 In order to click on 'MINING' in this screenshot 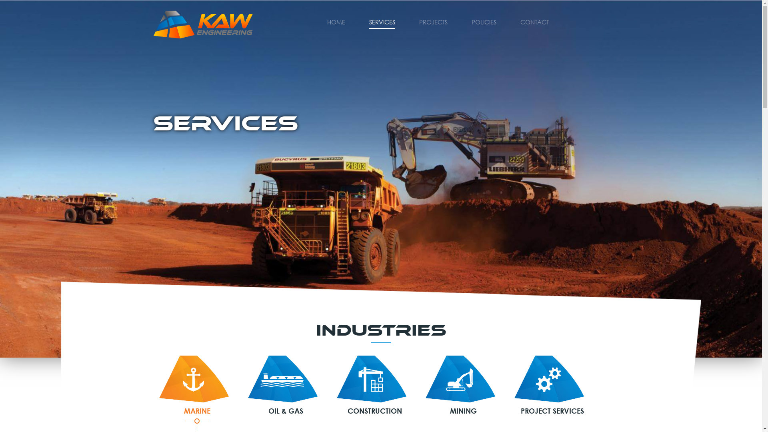, I will do `click(463, 385)`.